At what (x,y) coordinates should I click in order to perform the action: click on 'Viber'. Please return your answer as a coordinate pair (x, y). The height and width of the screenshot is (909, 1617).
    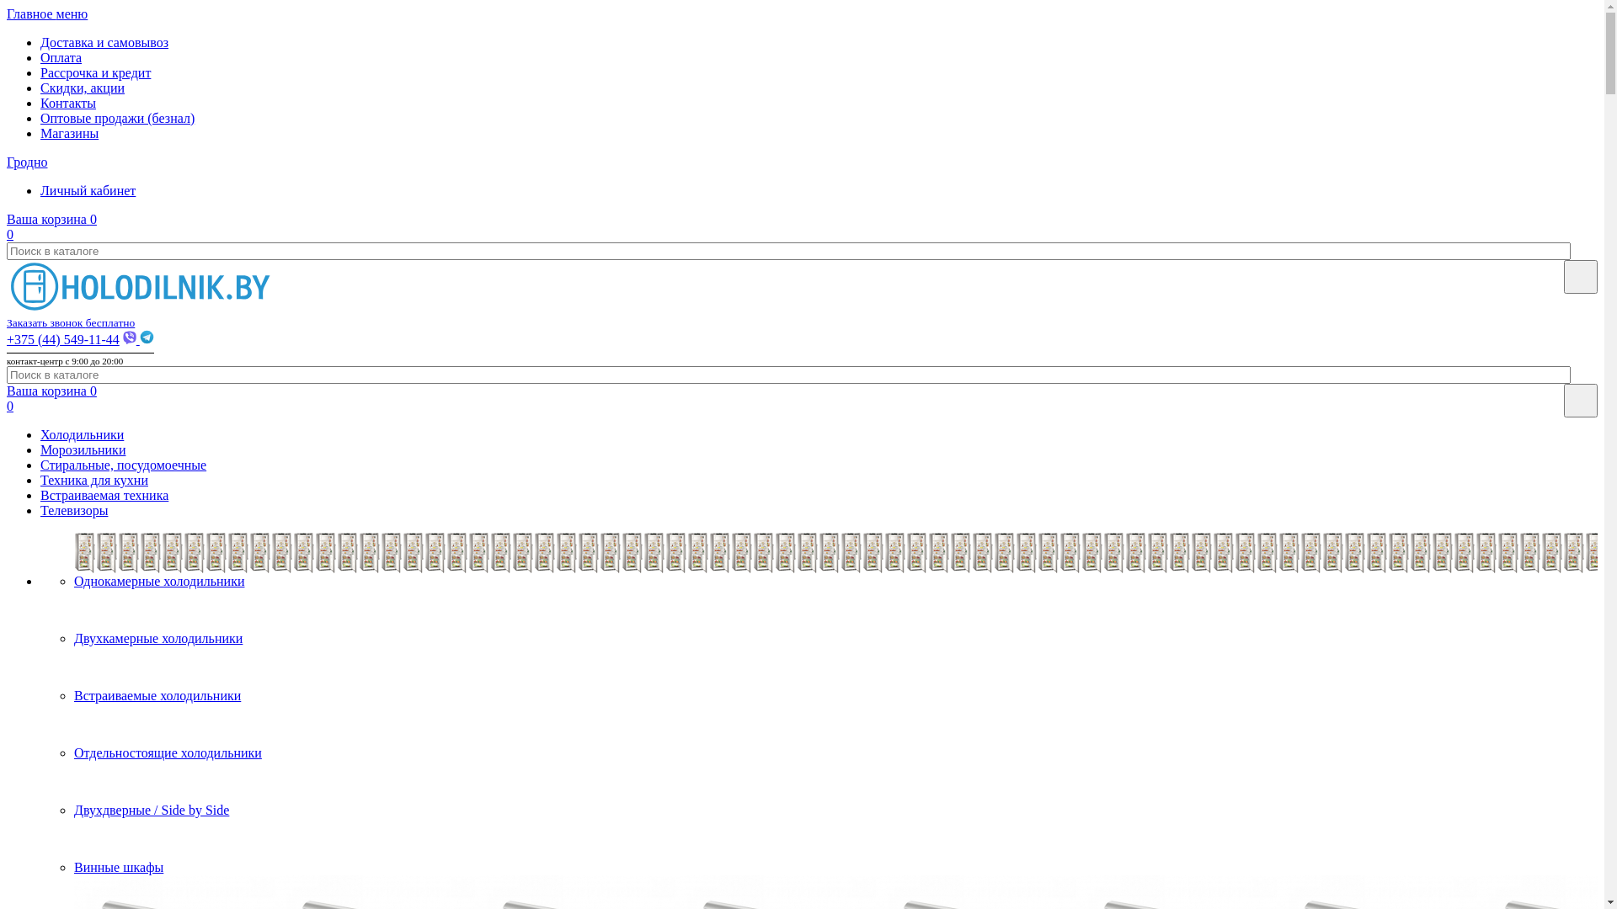
    Looking at the image, I should click on (130, 339).